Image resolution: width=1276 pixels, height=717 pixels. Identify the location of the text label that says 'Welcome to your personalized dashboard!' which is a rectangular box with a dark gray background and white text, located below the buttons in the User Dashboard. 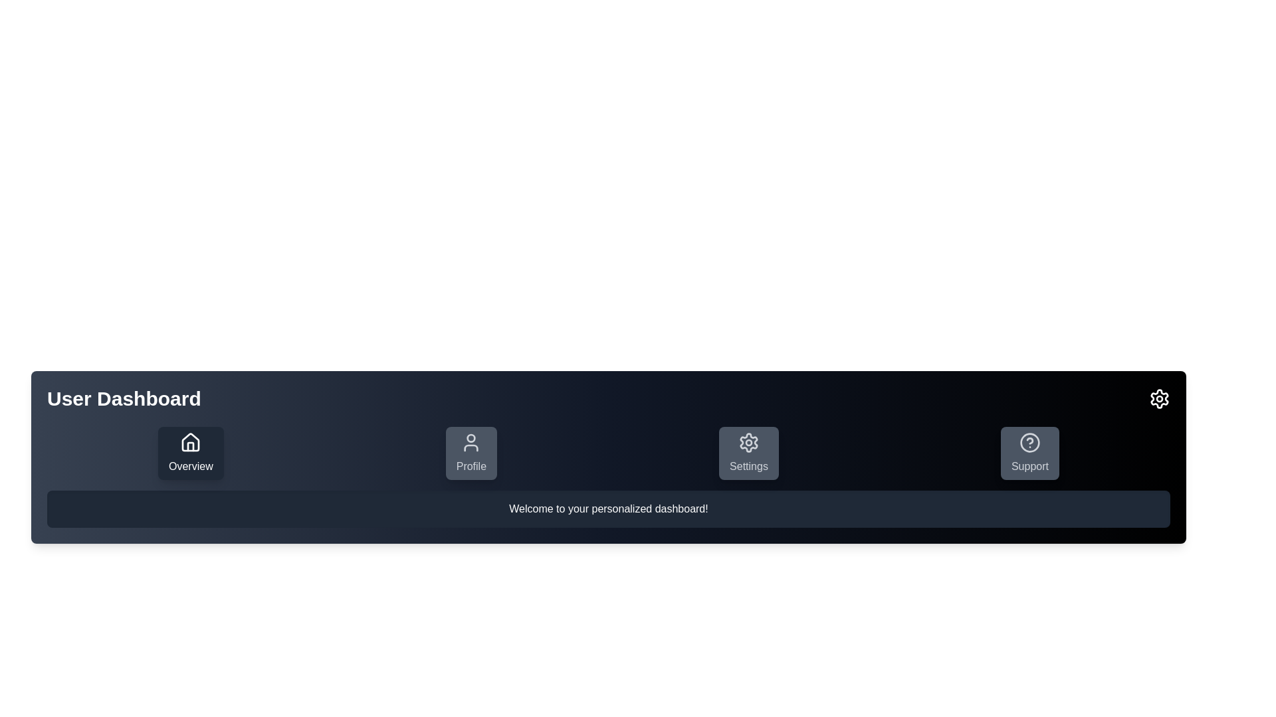
(608, 509).